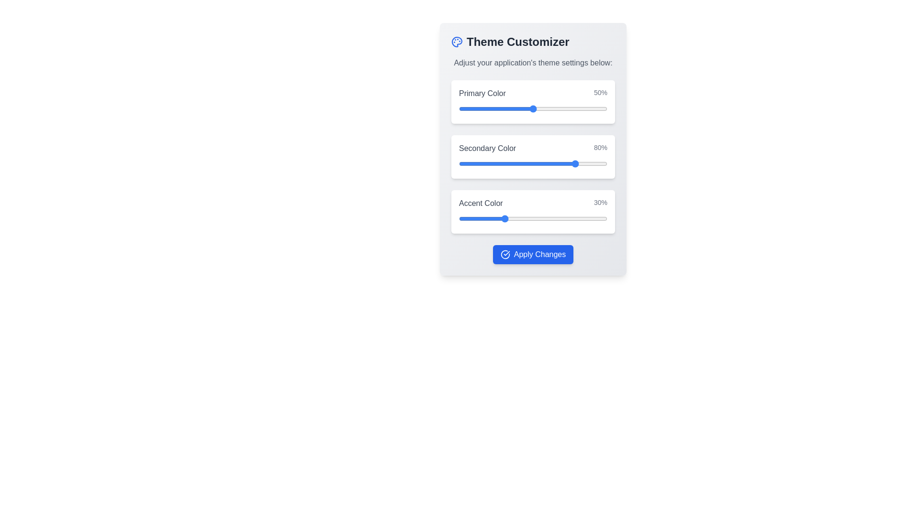  What do you see at coordinates (528, 219) in the screenshot?
I see `the accent color percentage` at bounding box center [528, 219].